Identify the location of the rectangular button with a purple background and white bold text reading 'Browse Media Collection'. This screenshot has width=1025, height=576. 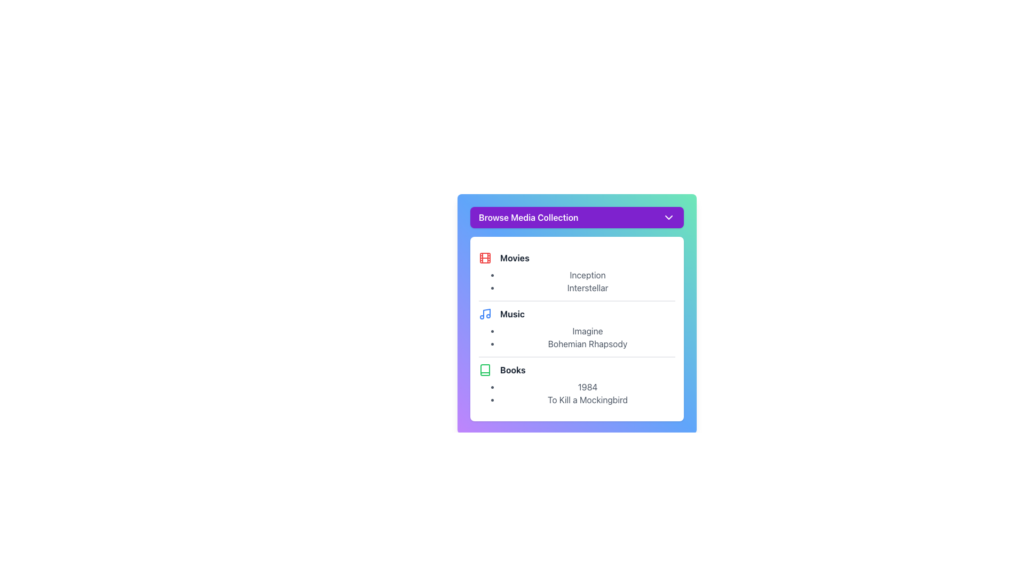
(576, 217).